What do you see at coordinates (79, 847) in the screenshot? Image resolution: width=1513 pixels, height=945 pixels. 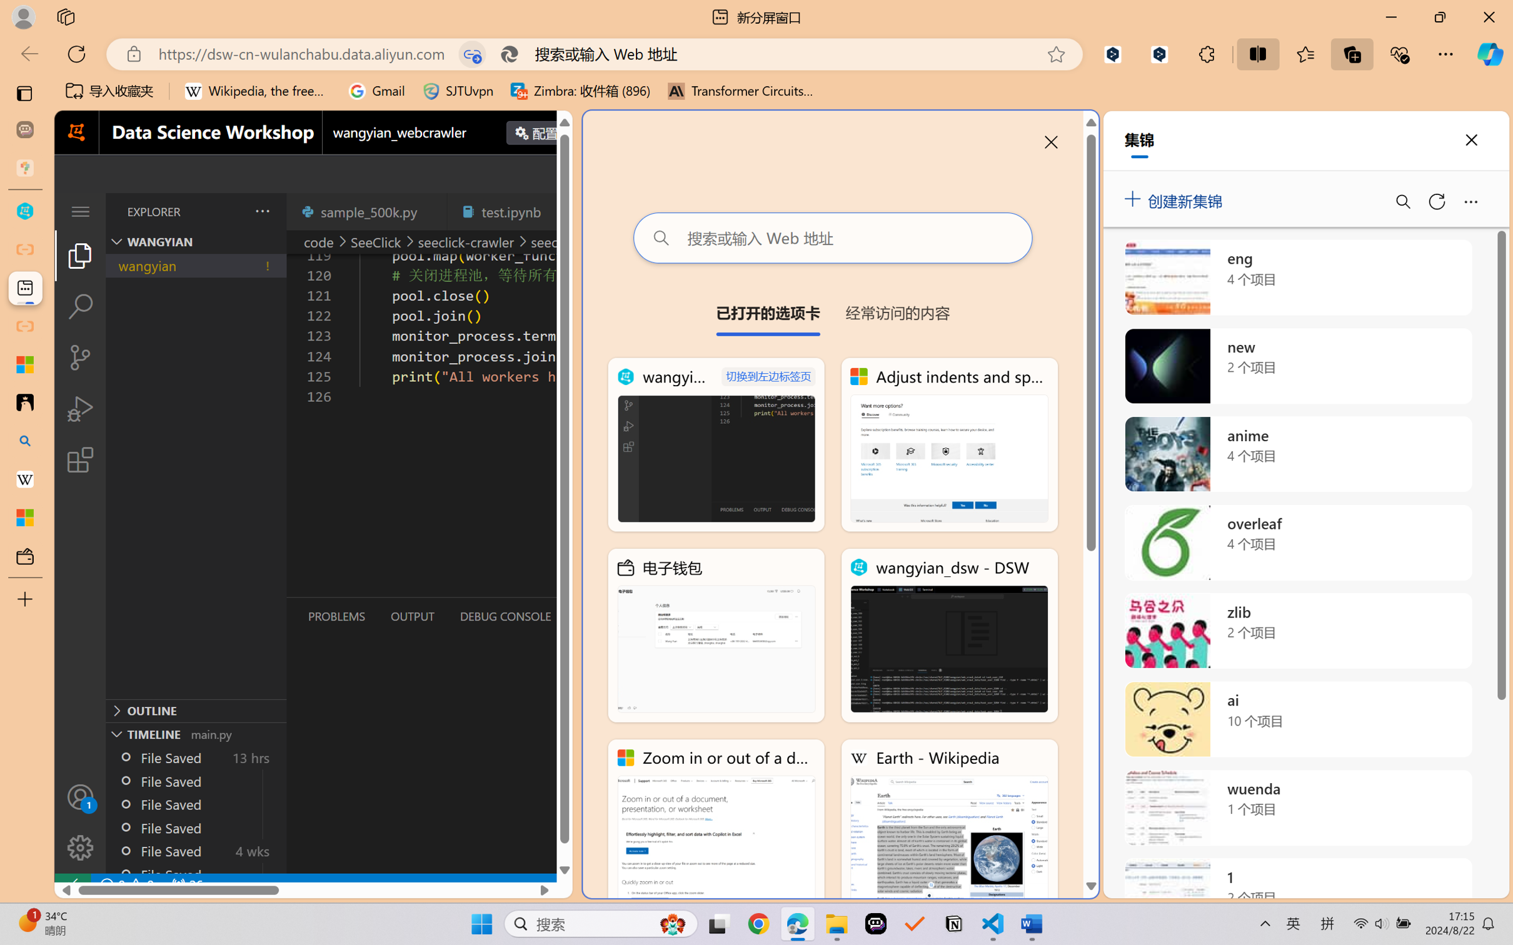 I see `'Manage'` at bounding box center [79, 847].